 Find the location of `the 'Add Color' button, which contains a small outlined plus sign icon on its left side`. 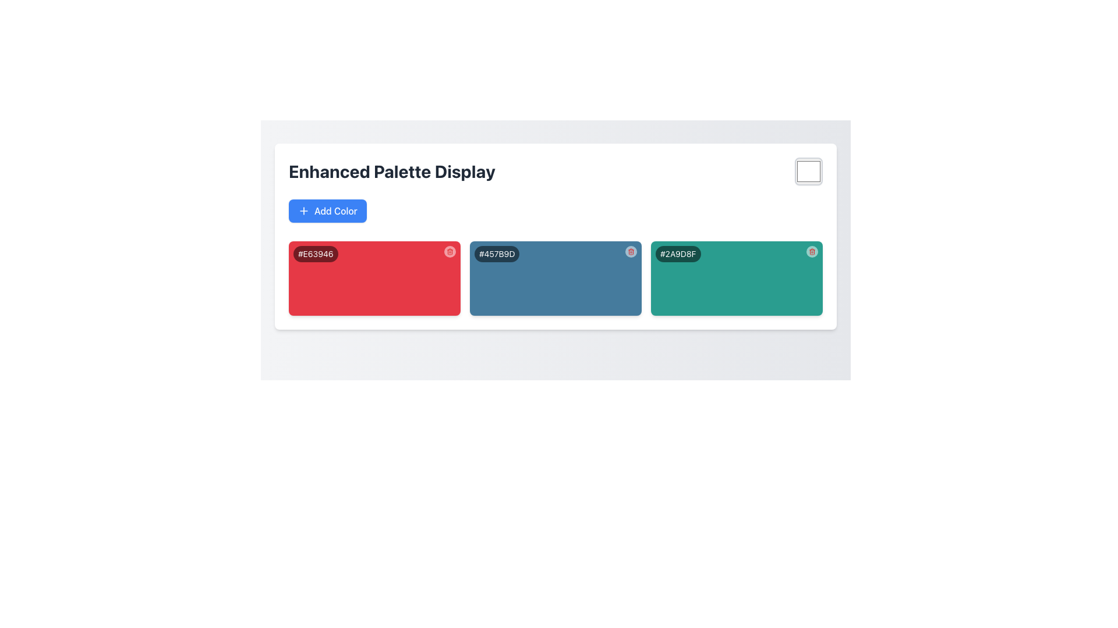

the 'Add Color' button, which contains a small outlined plus sign icon on its left side is located at coordinates (304, 210).